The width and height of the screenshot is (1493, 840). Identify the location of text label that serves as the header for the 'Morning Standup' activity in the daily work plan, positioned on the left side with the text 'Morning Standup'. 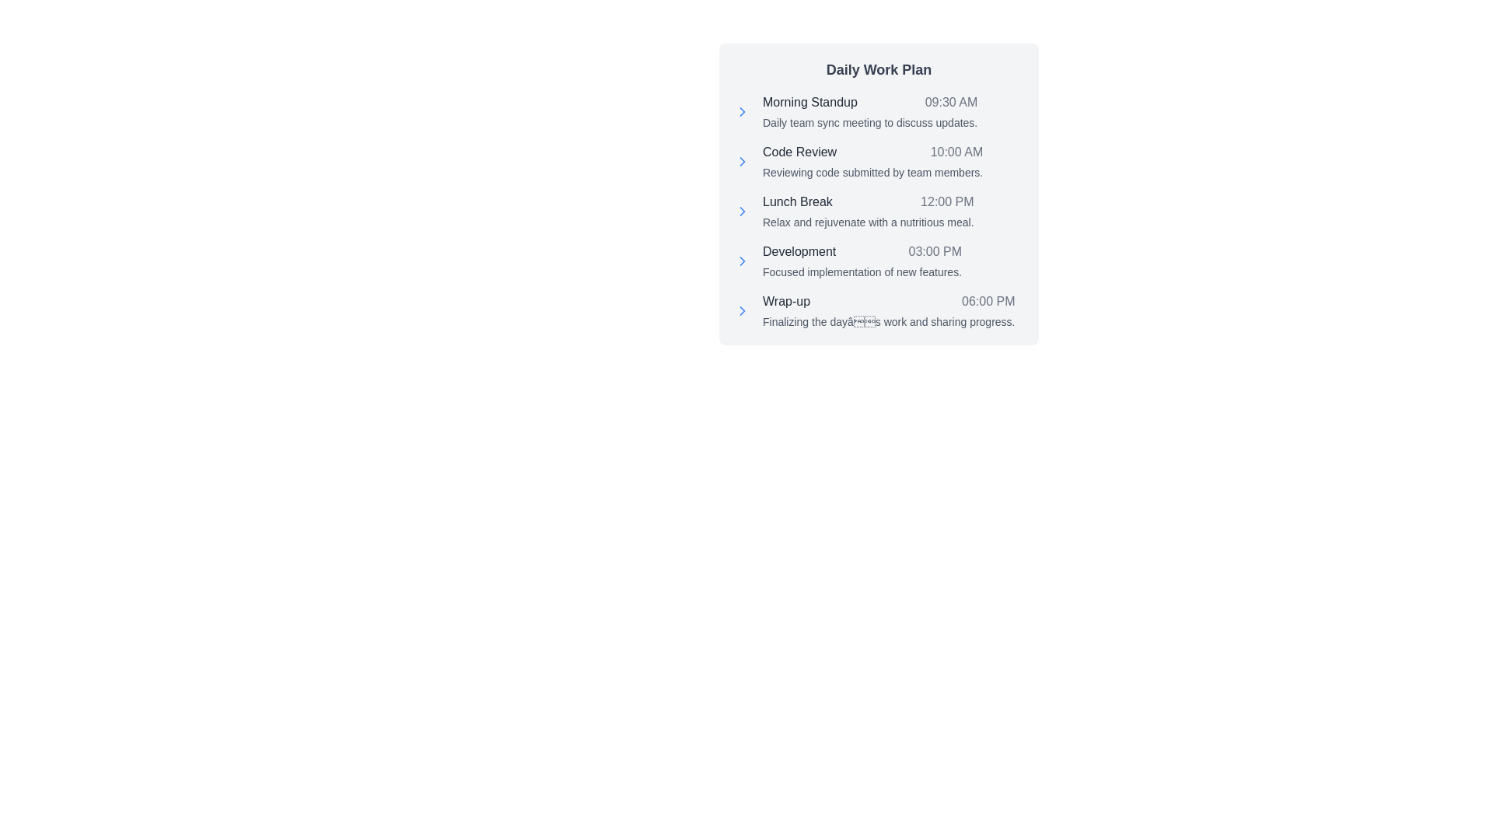
(809, 102).